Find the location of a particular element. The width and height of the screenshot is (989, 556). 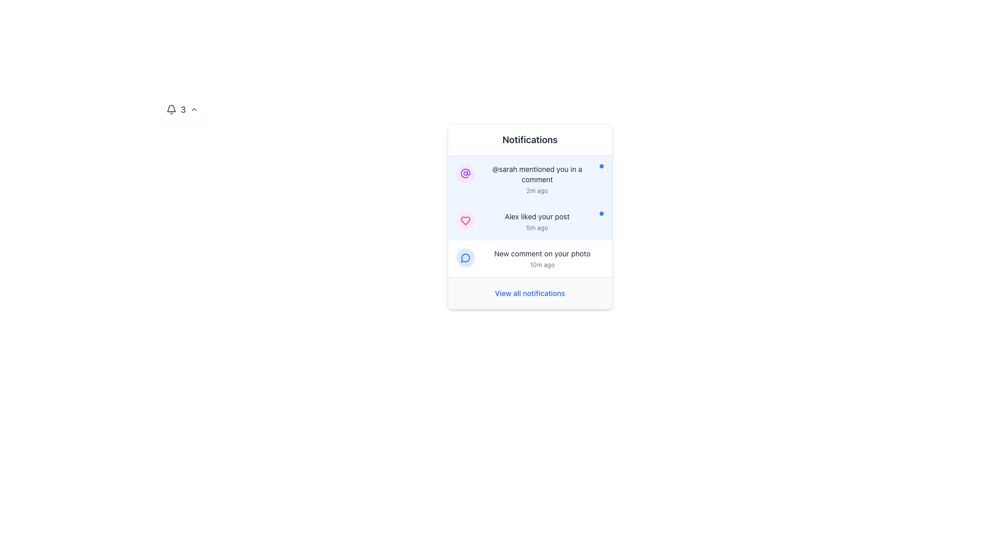

the 'like' icon associated with the notification that reads 'Alex liked your post', which is the second notification in the list is located at coordinates (465, 220).